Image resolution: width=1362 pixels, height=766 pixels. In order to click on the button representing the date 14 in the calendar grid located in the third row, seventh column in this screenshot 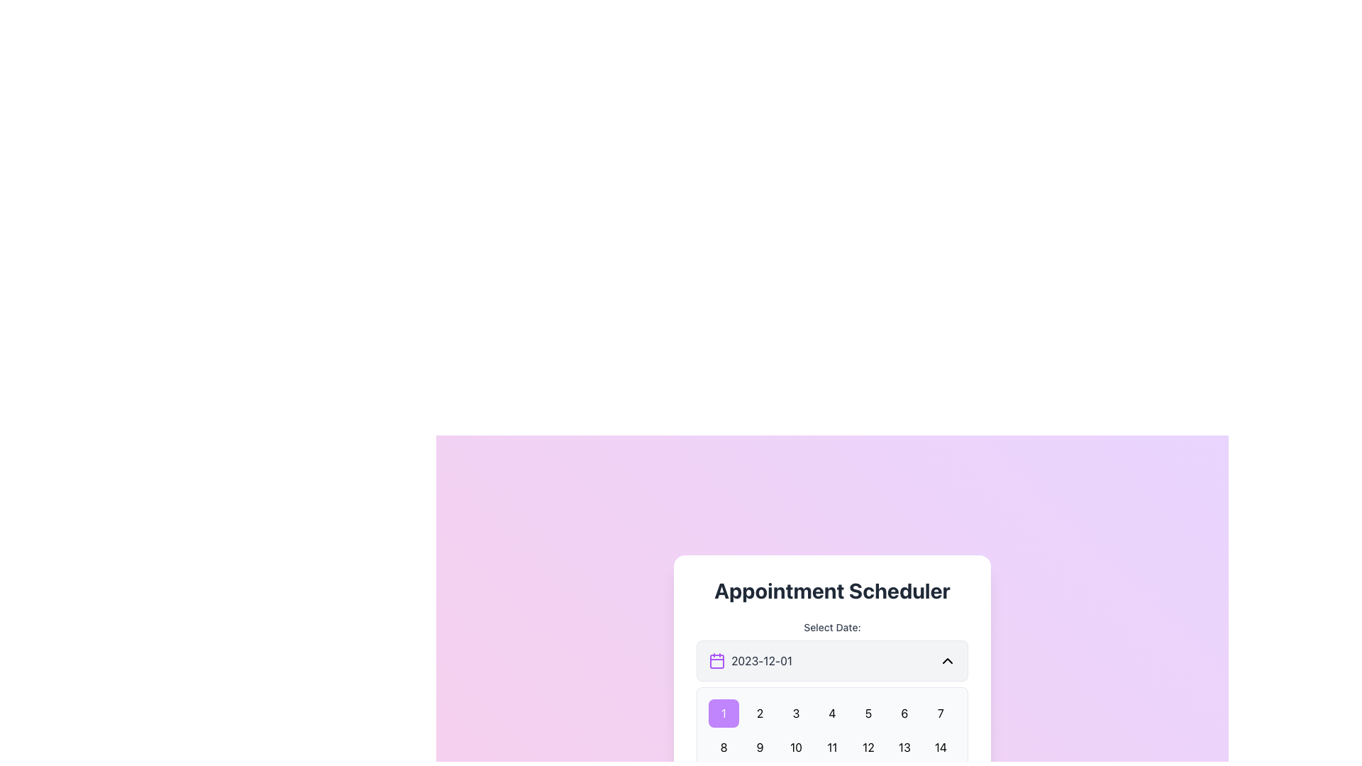, I will do `click(941, 747)`.